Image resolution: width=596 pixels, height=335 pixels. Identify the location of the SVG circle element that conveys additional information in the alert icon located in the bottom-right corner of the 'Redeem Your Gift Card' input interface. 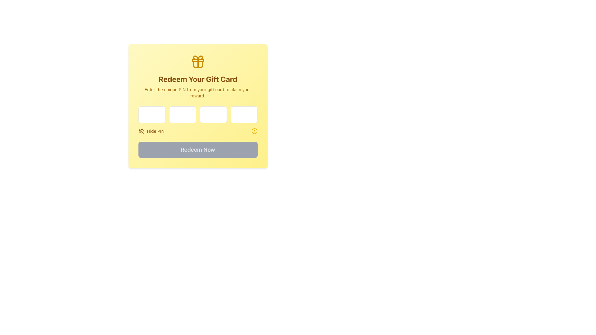
(254, 131).